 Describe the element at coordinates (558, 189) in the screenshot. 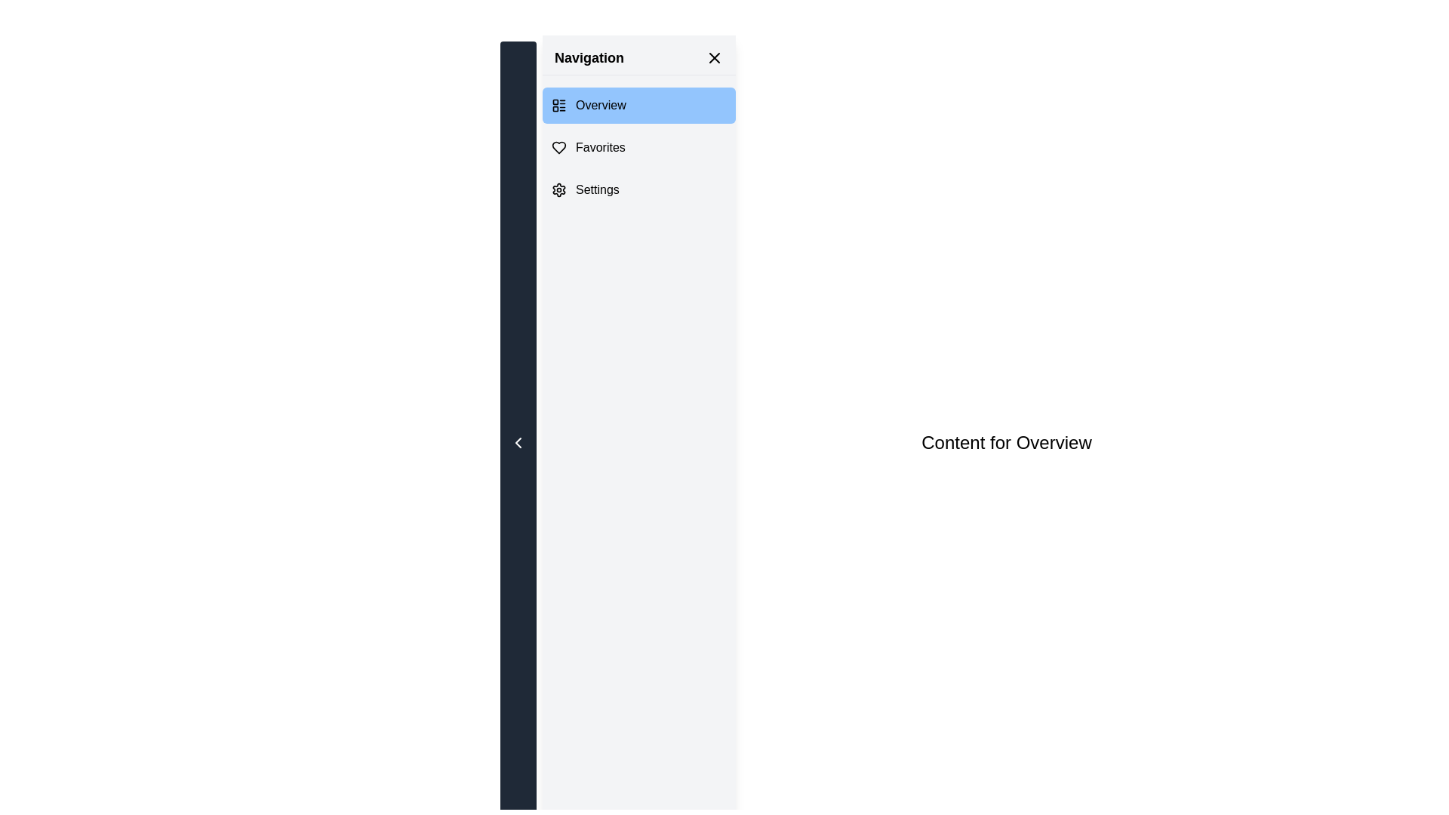

I see `the gear-like icon located in the left navigation panel next to the 'Settings' option` at that location.